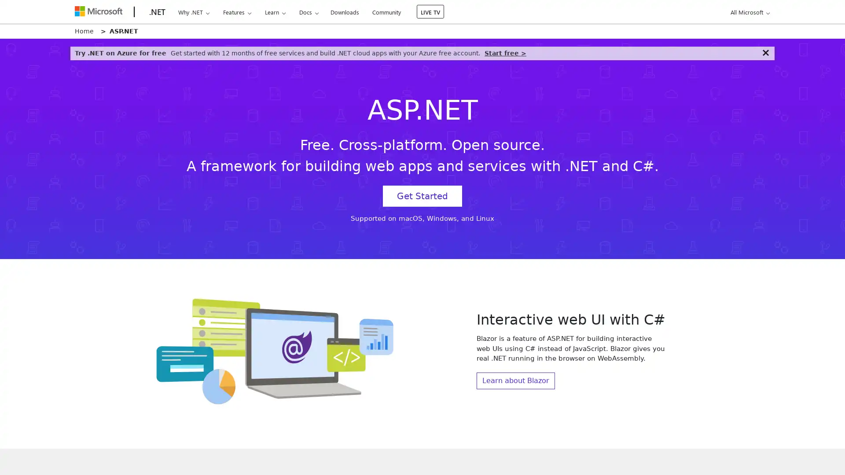 Image resolution: width=845 pixels, height=475 pixels. I want to click on Learn, so click(274, 12).